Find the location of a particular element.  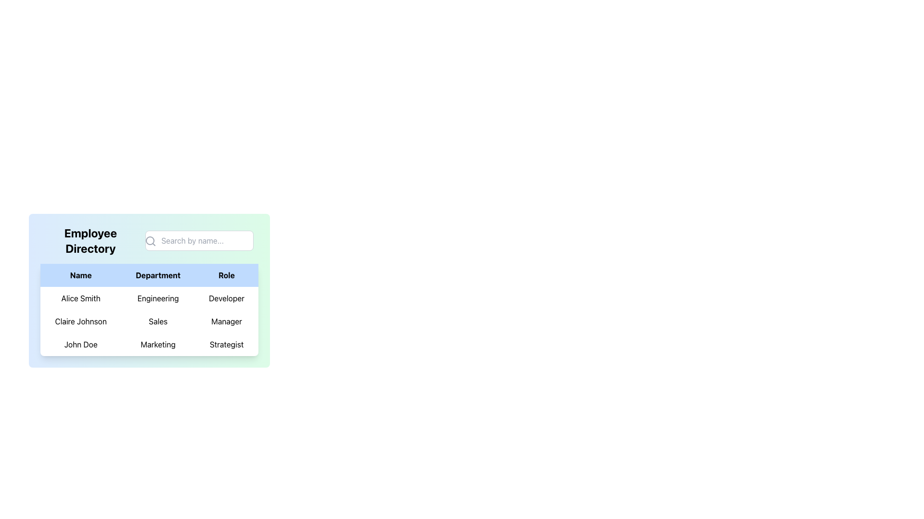

the label in the rightmost cell of the third row of the table that describes the role of an individual, which is 'Strategist' for 'John Doe' in the Marketing department is located at coordinates (226, 344).